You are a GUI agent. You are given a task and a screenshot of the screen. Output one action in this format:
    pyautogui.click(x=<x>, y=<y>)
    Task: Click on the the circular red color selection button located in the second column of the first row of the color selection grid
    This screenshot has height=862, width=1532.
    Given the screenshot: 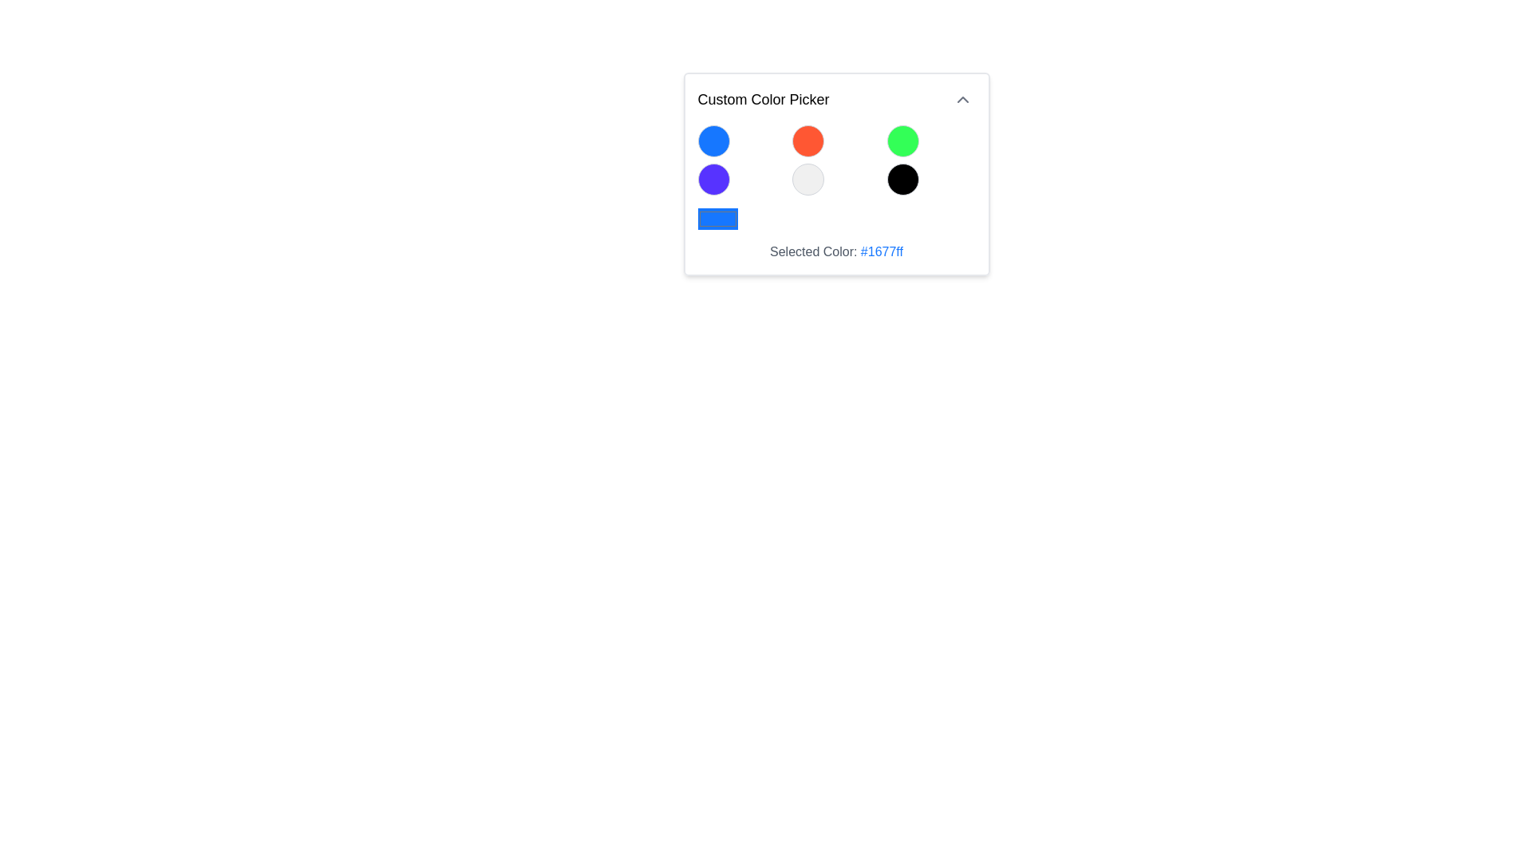 What is the action you would take?
    pyautogui.click(x=808, y=140)
    